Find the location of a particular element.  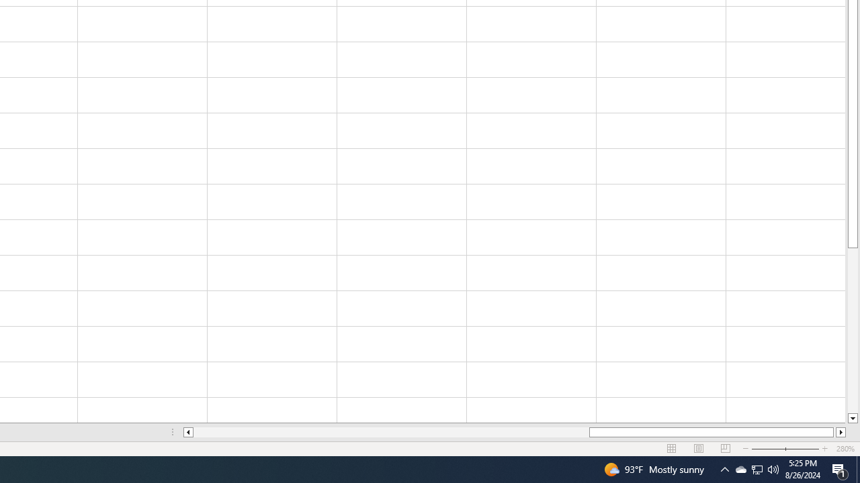

'Page Break Preview' is located at coordinates (724, 449).